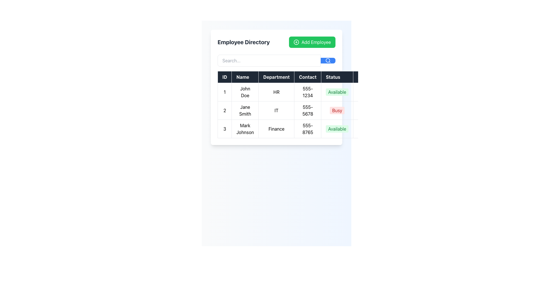 This screenshot has height=306, width=544. What do you see at coordinates (307, 110) in the screenshot?
I see `the Table Cell displaying the contact number '555-5678' for 'Jane Smith' in the fourth column of the second row` at bounding box center [307, 110].